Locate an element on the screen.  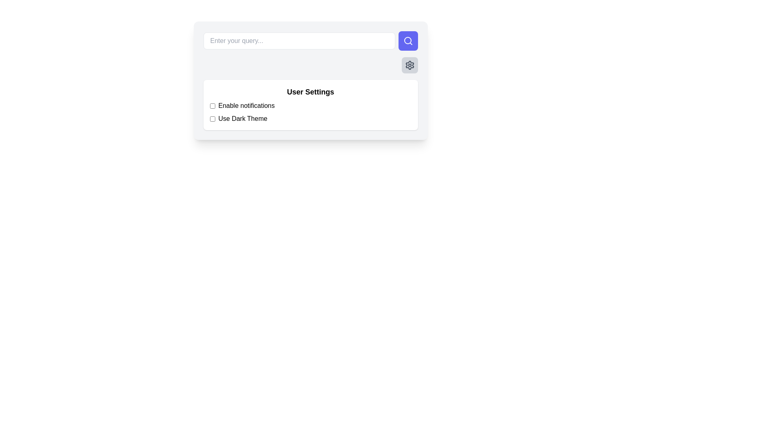
the icon button located at the top-right corner of the interface is located at coordinates (409, 65).